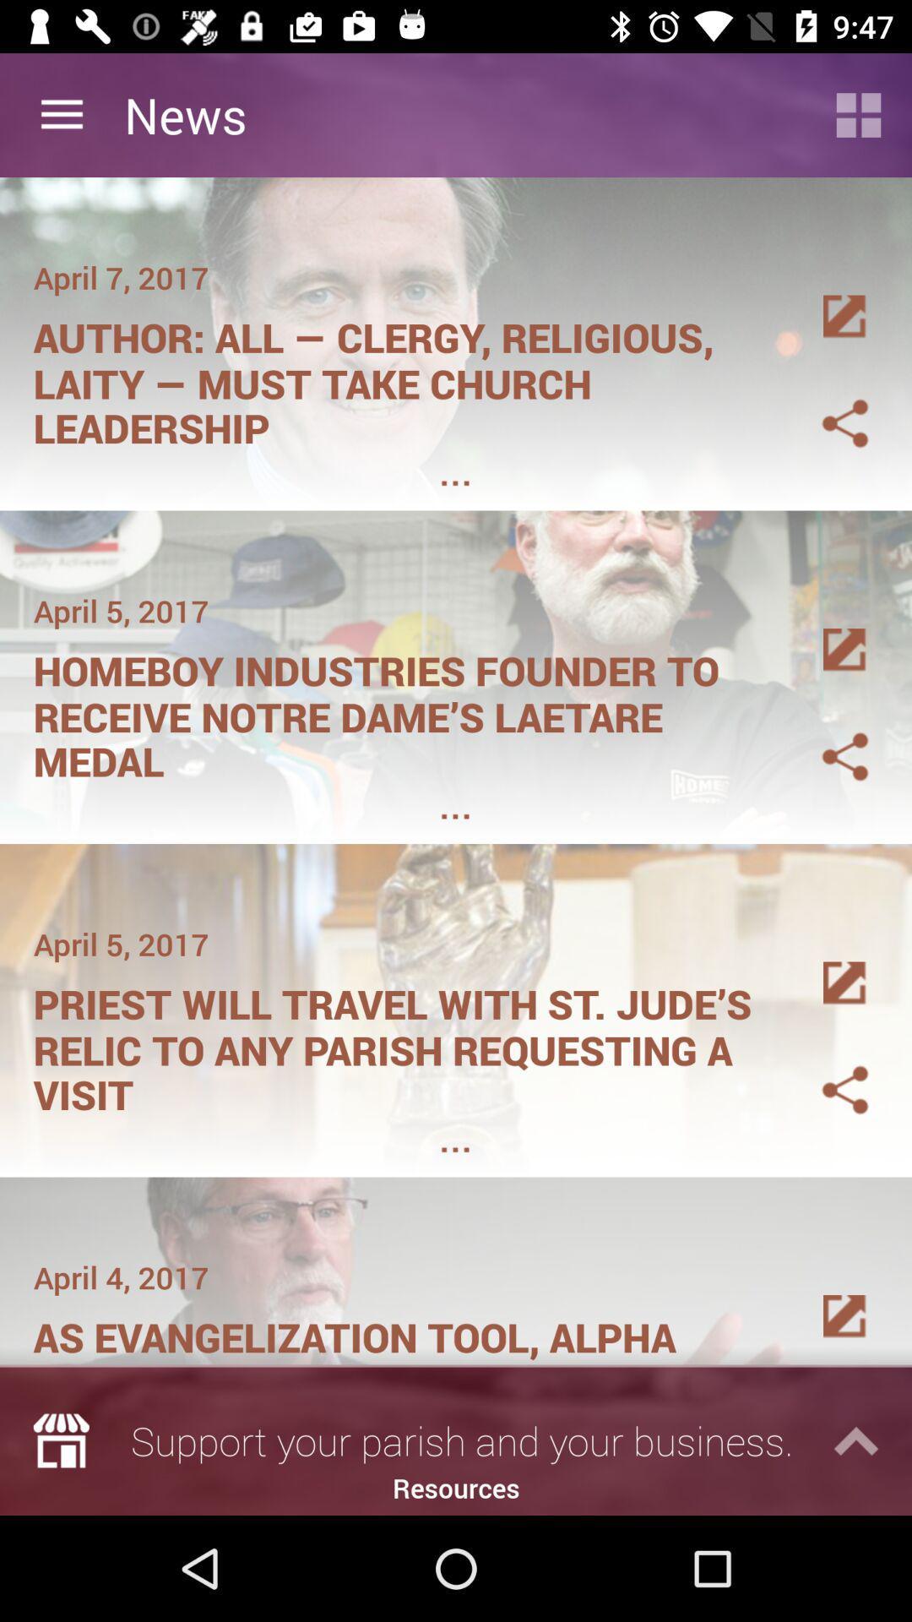  I want to click on item next to news item, so click(61, 114).